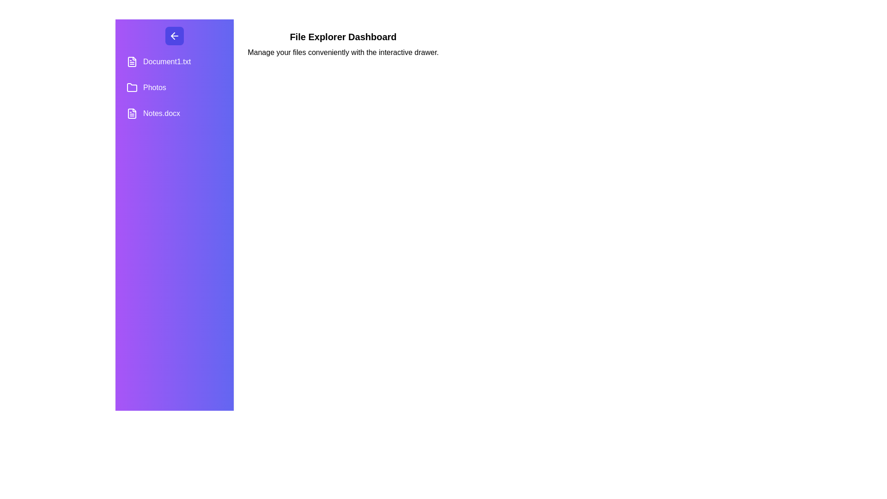 The image size is (887, 499). What do you see at coordinates (175, 62) in the screenshot?
I see `the file or folder named Document1.txt` at bounding box center [175, 62].